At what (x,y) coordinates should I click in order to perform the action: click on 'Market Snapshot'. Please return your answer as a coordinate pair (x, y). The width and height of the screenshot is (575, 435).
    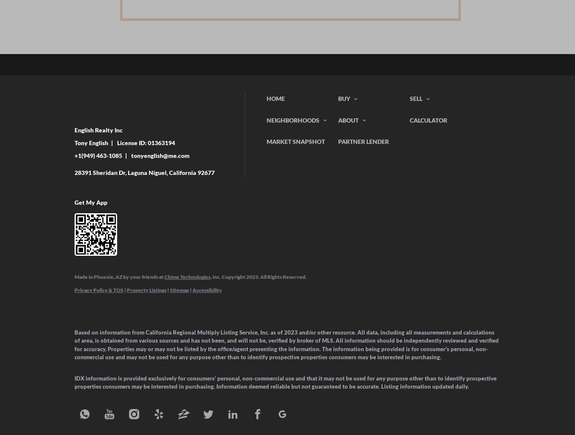
    Looking at the image, I should click on (295, 141).